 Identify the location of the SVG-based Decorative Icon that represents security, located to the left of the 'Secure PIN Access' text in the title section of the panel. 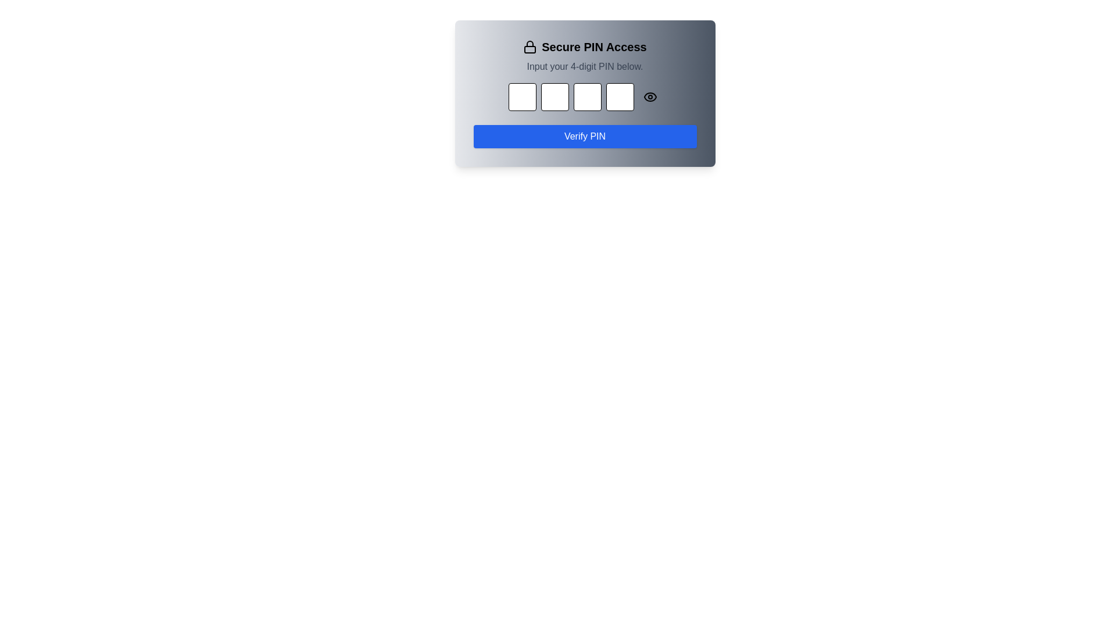
(530, 47).